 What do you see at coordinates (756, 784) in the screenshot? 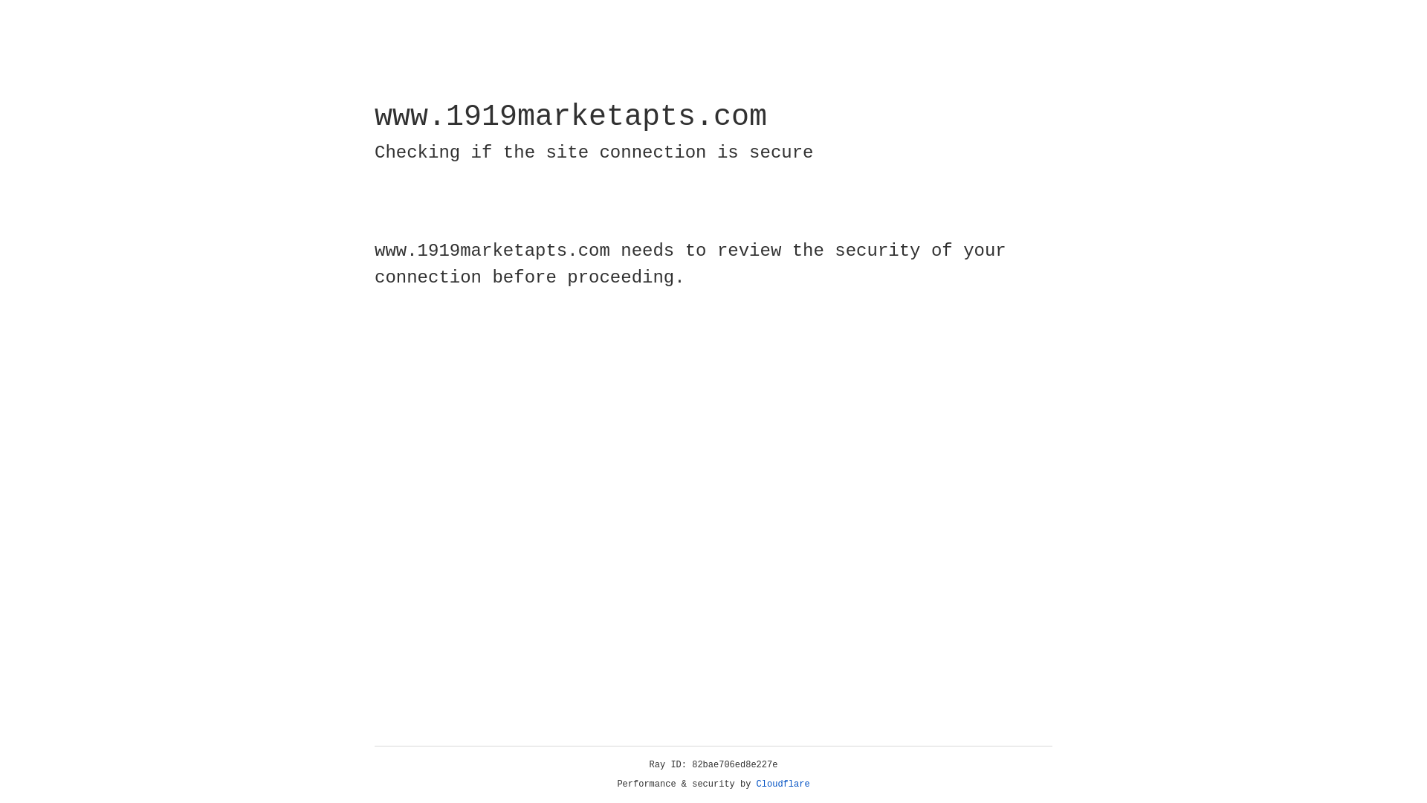
I see `'Cloudflare'` at bounding box center [756, 784].